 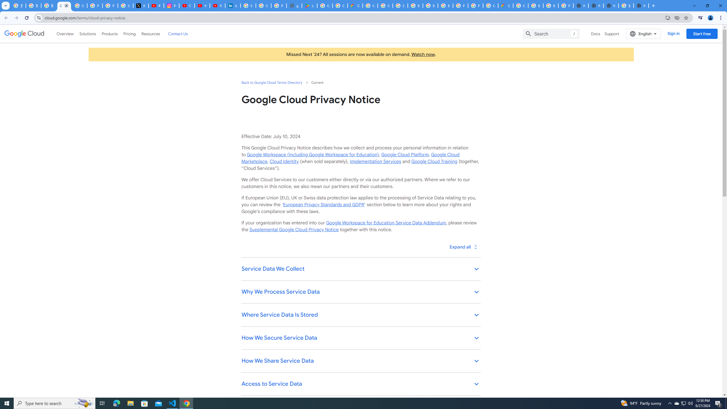 What do you see at coordinates (404, 155) in the screenshot?
I see `'Google Cloud Platform'` at bounding box center [404, 155].